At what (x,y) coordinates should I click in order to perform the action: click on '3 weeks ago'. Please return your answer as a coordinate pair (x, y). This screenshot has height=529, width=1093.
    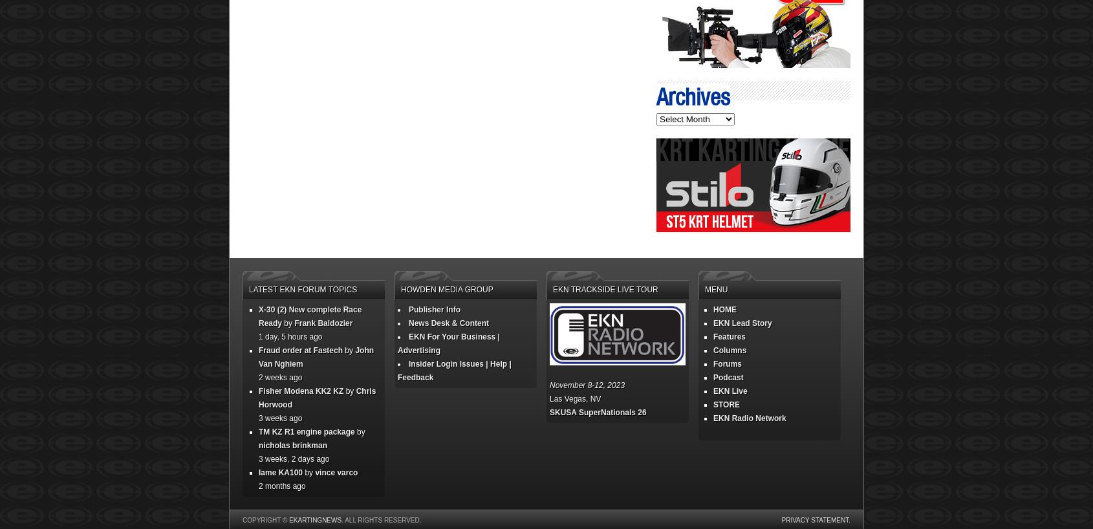
    Looking at the image, I should click on (280, 418).